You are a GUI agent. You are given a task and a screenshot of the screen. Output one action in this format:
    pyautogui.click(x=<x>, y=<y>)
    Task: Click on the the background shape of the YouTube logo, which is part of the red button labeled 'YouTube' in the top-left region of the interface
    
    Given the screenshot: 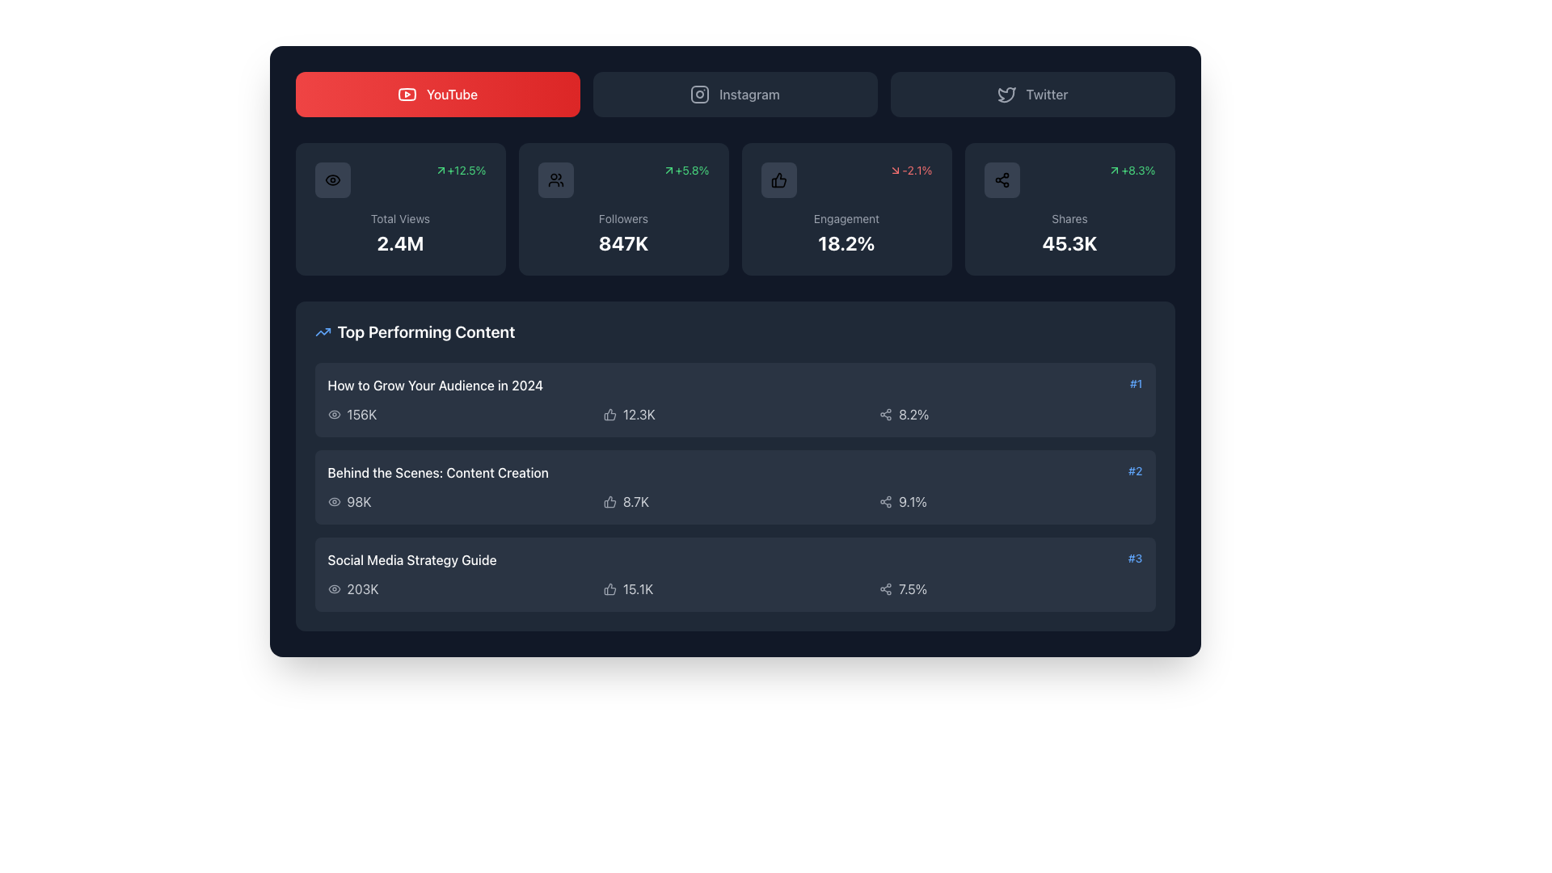 What is the action you would take?
    pyautogui.click(x=407, y=94)
    